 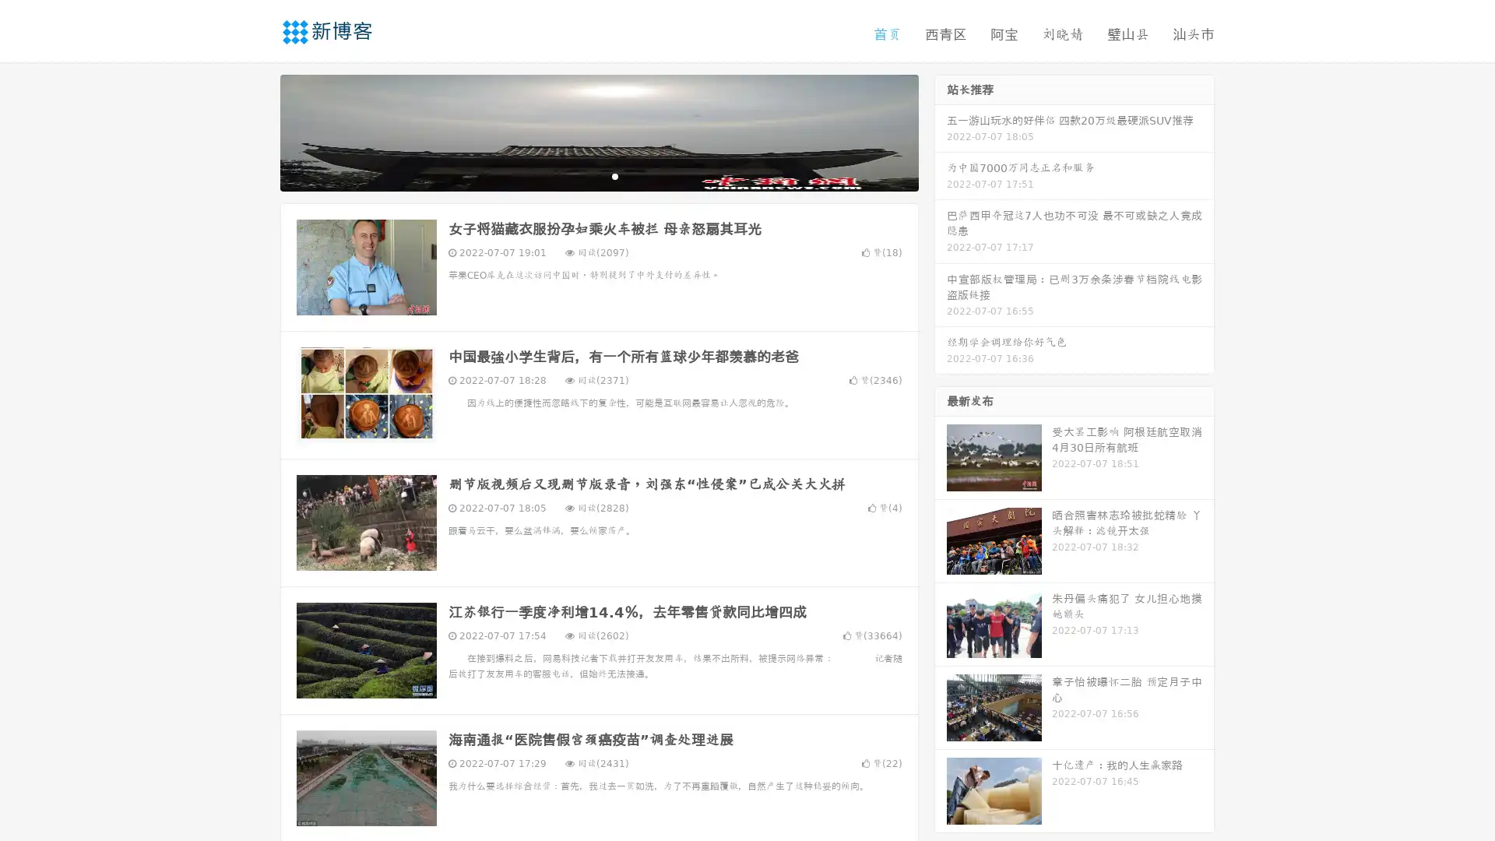 What do you see at coordinates (582, 175) in the screenshot?
I see `Go to slide 1` at bounding box center [582, 175].